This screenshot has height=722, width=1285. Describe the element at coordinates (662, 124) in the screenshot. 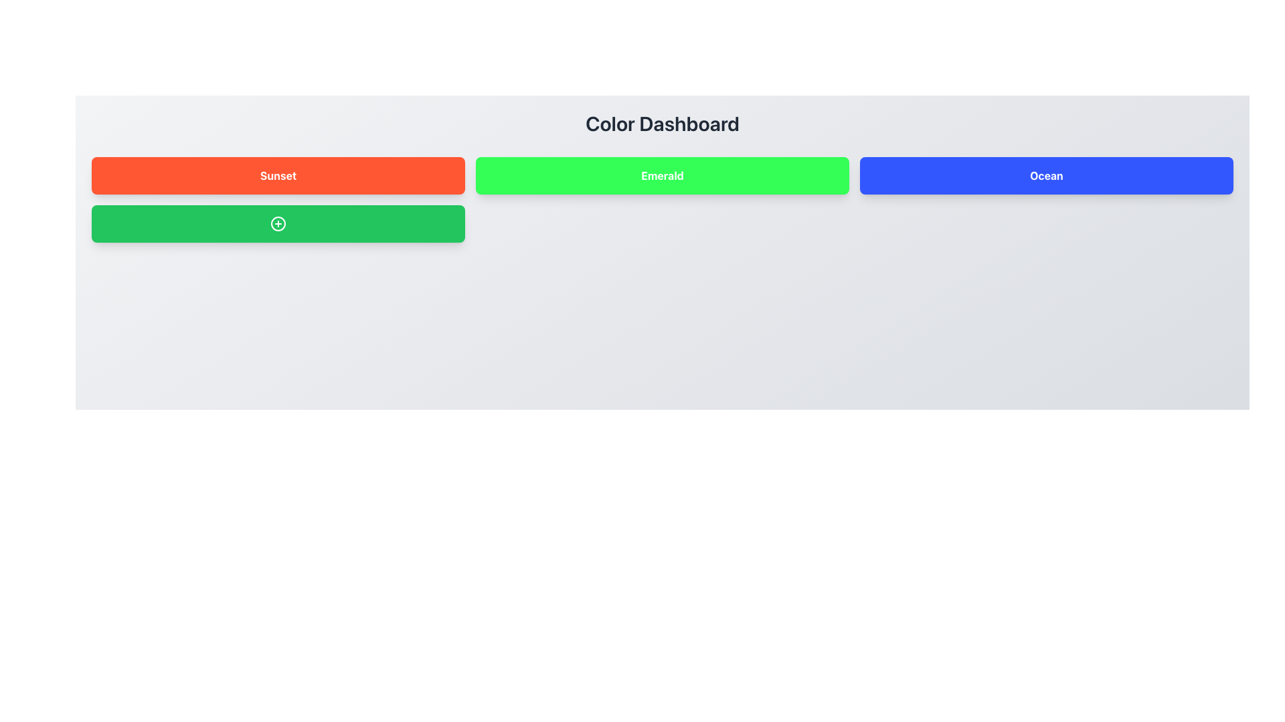

I see `the 'Color Dashboard' text label, which is displayed at the top center of the interface in a bold and large font style` at that location.